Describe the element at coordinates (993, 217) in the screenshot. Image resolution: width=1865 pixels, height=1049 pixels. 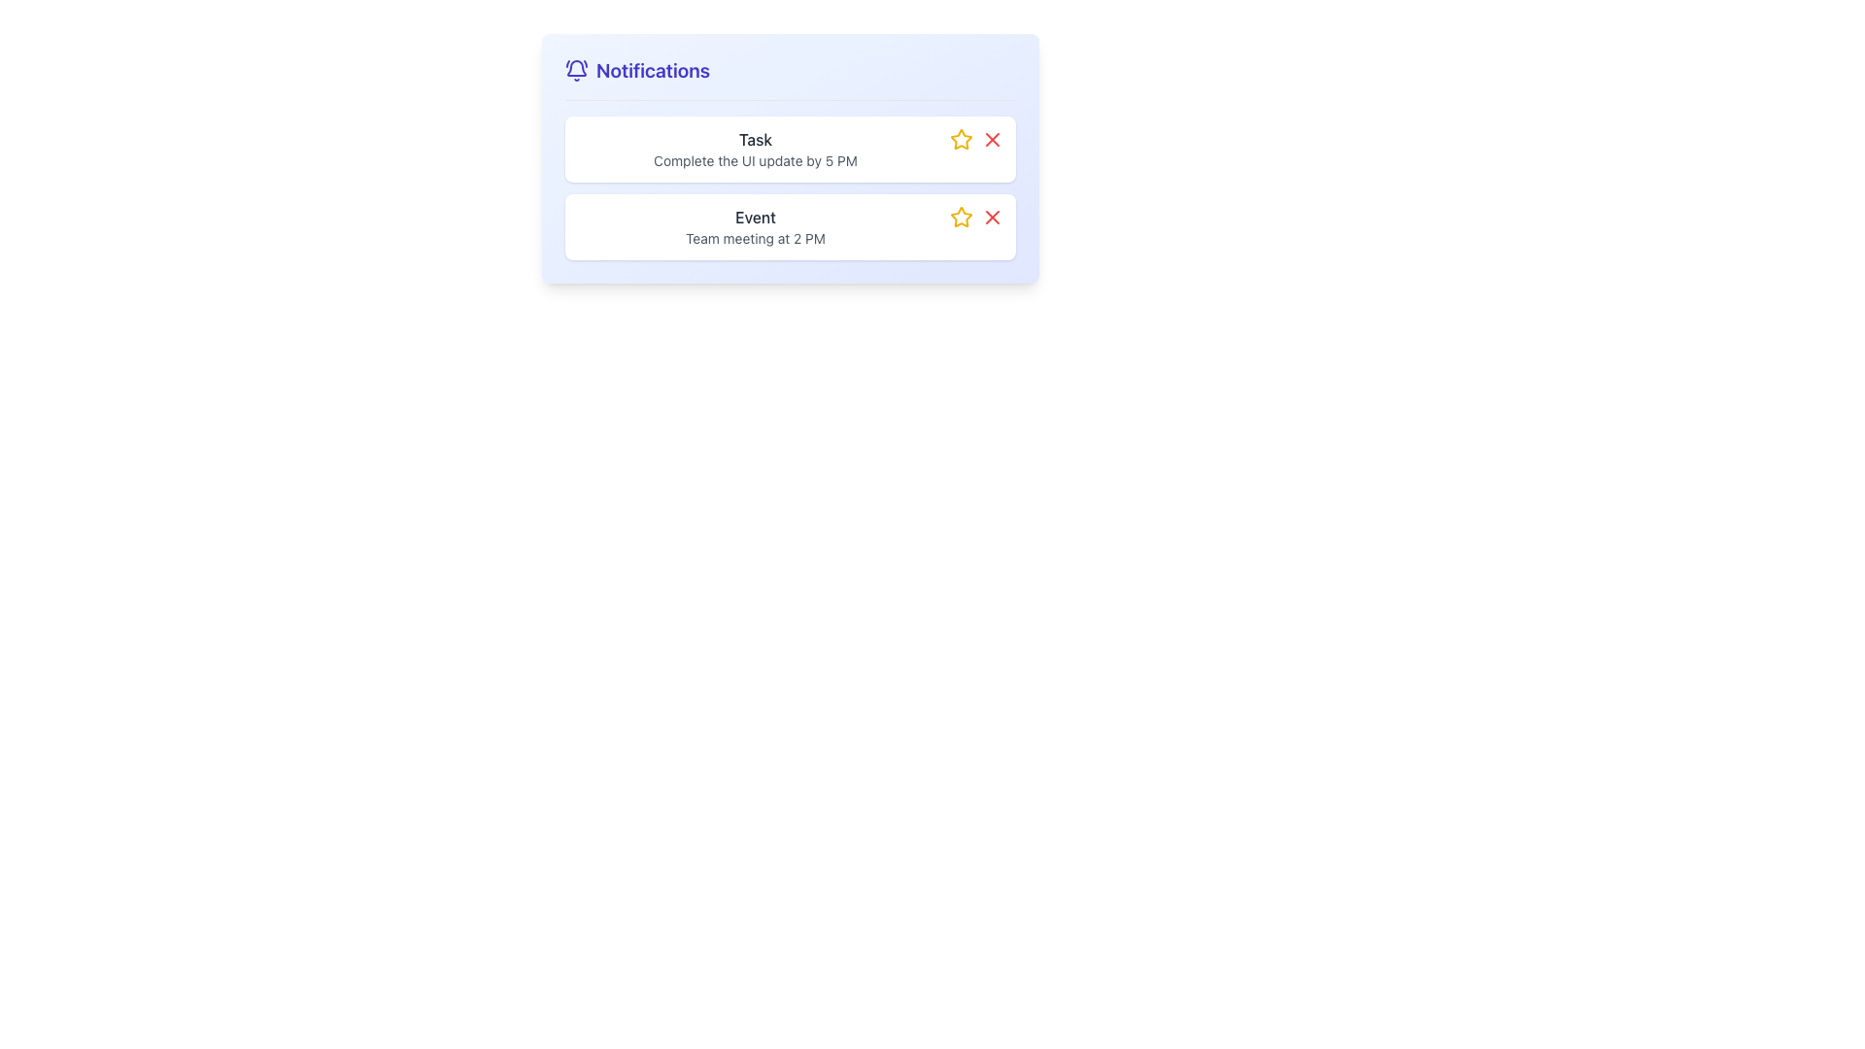
I see `the red close (X) button located at the far right of its group, styled with hover effects and positioned next` at that location.